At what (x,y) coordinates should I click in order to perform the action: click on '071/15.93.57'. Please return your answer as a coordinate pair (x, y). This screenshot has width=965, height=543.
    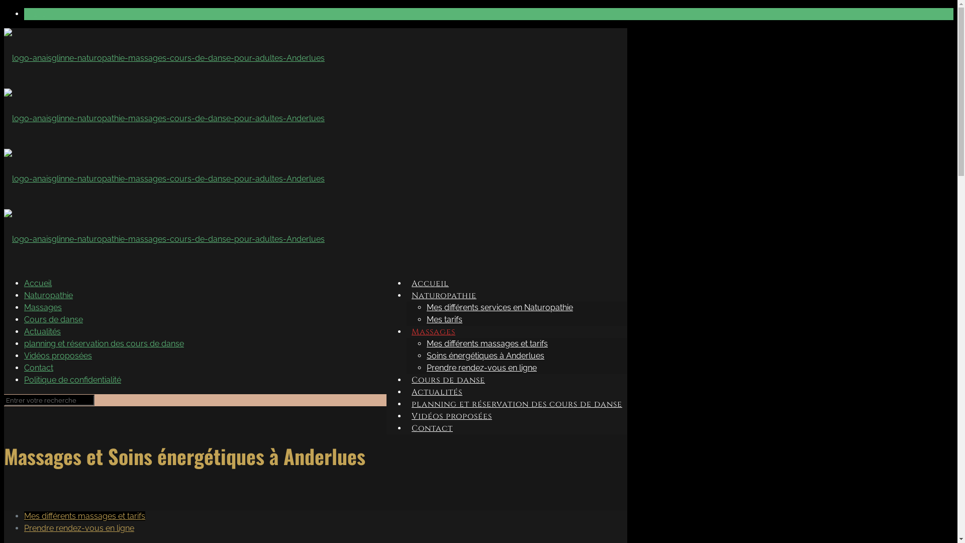
    Looking at the image, I should click on (47, 14).